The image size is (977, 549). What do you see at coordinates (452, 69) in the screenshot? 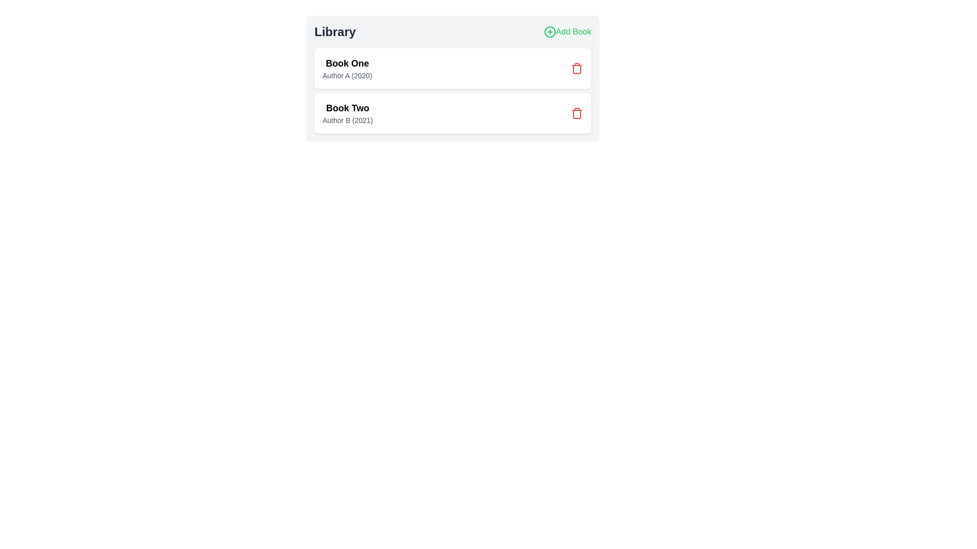
I see `the first book entry card in the Library section, which displays the book's title, author, and year` at bounding box center [452, 69].